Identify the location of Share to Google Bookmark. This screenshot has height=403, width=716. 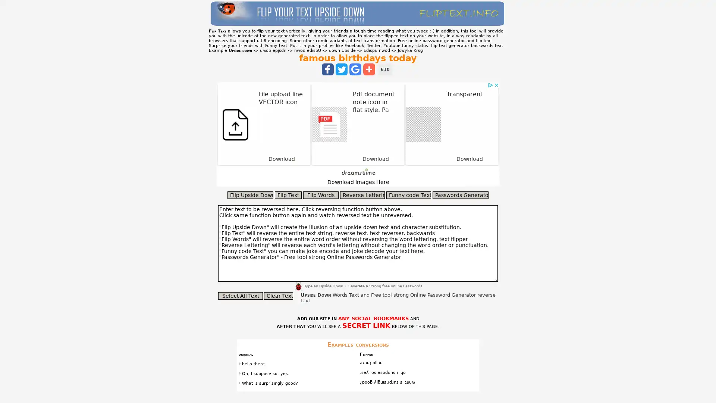
(355, 69).